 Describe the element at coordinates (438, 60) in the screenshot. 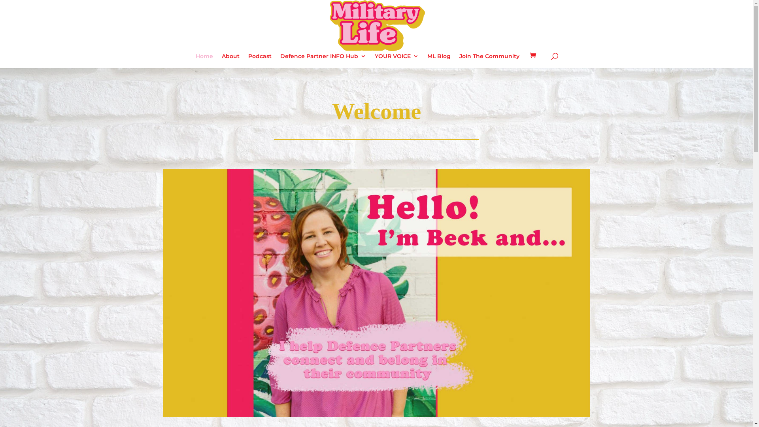

I see `'ML Blog'` at that location.